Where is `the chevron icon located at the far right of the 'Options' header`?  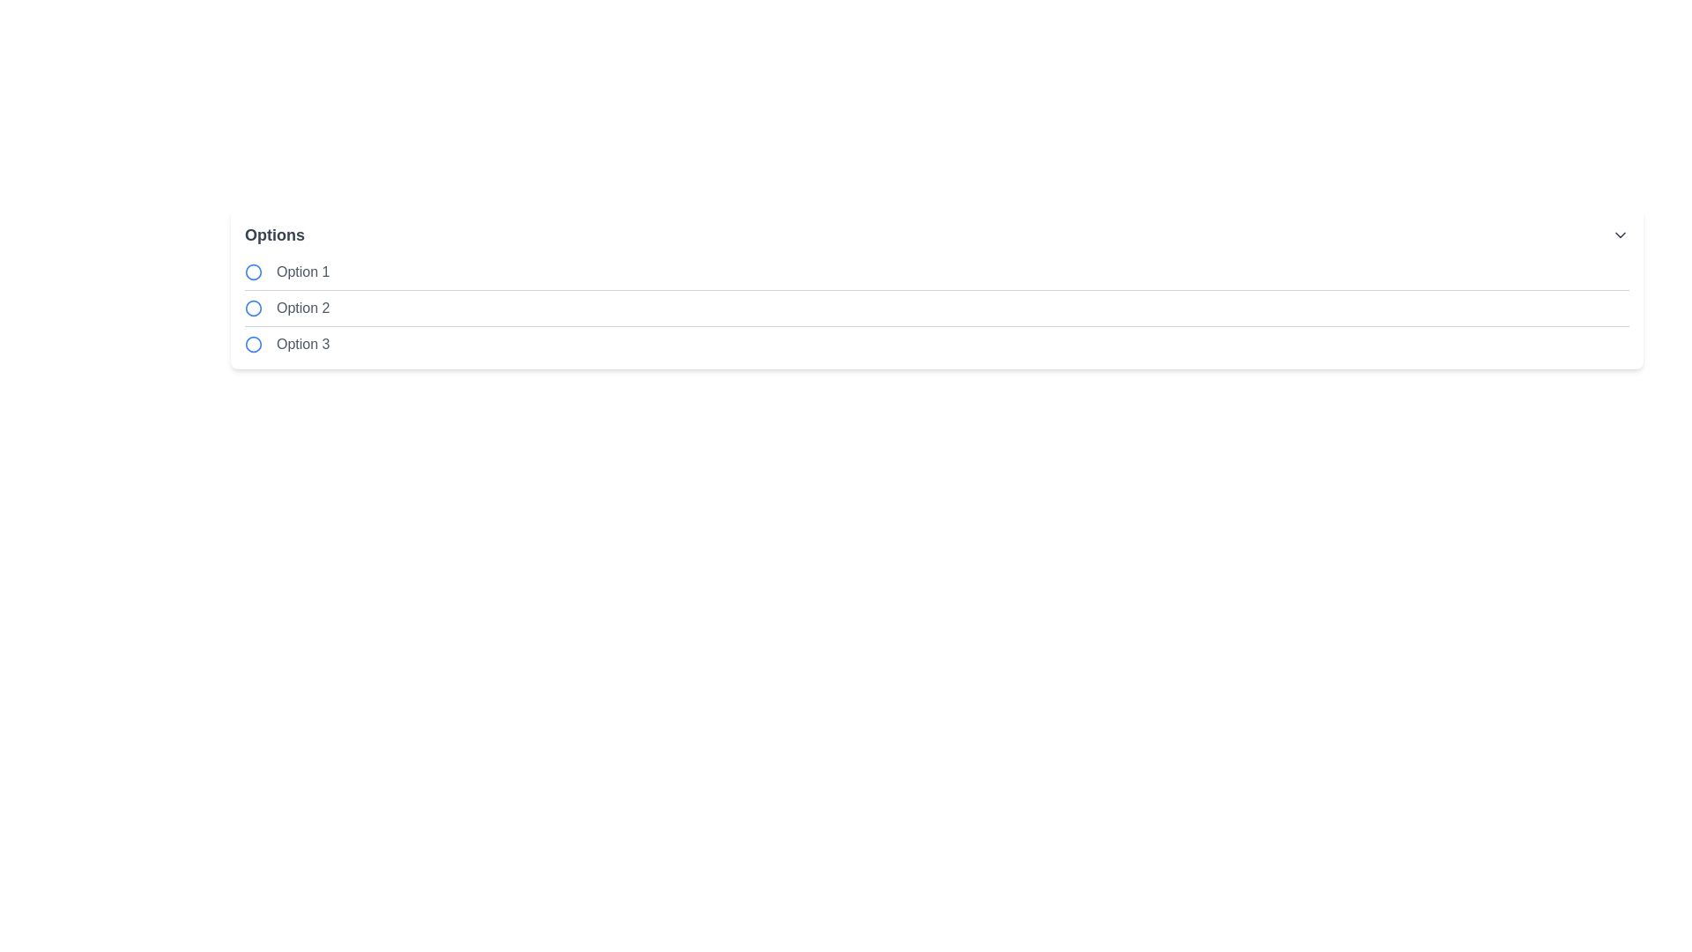 the chevron icon located at the far right of the 'Options' header is located at coordinates (1620, 234).